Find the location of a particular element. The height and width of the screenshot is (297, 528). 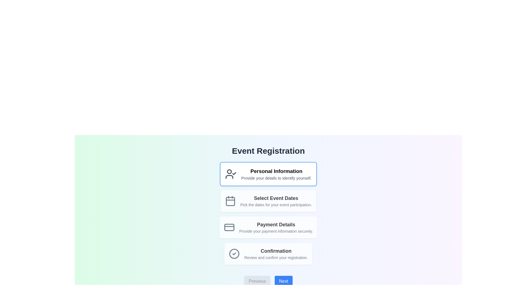

the decorative circular graphic within the user-check icon, which symbolizes identity or verification is located at coordinates (229, 171).